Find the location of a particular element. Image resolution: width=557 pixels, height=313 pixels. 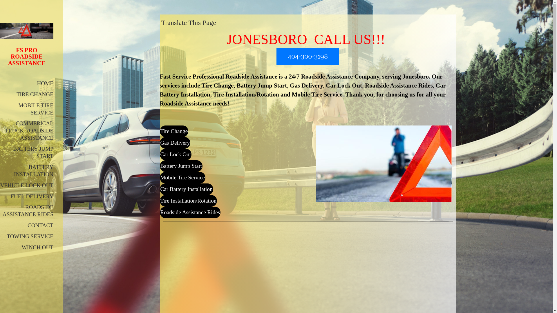

'Battery Jump Start' is located at coordinates (181, 166).